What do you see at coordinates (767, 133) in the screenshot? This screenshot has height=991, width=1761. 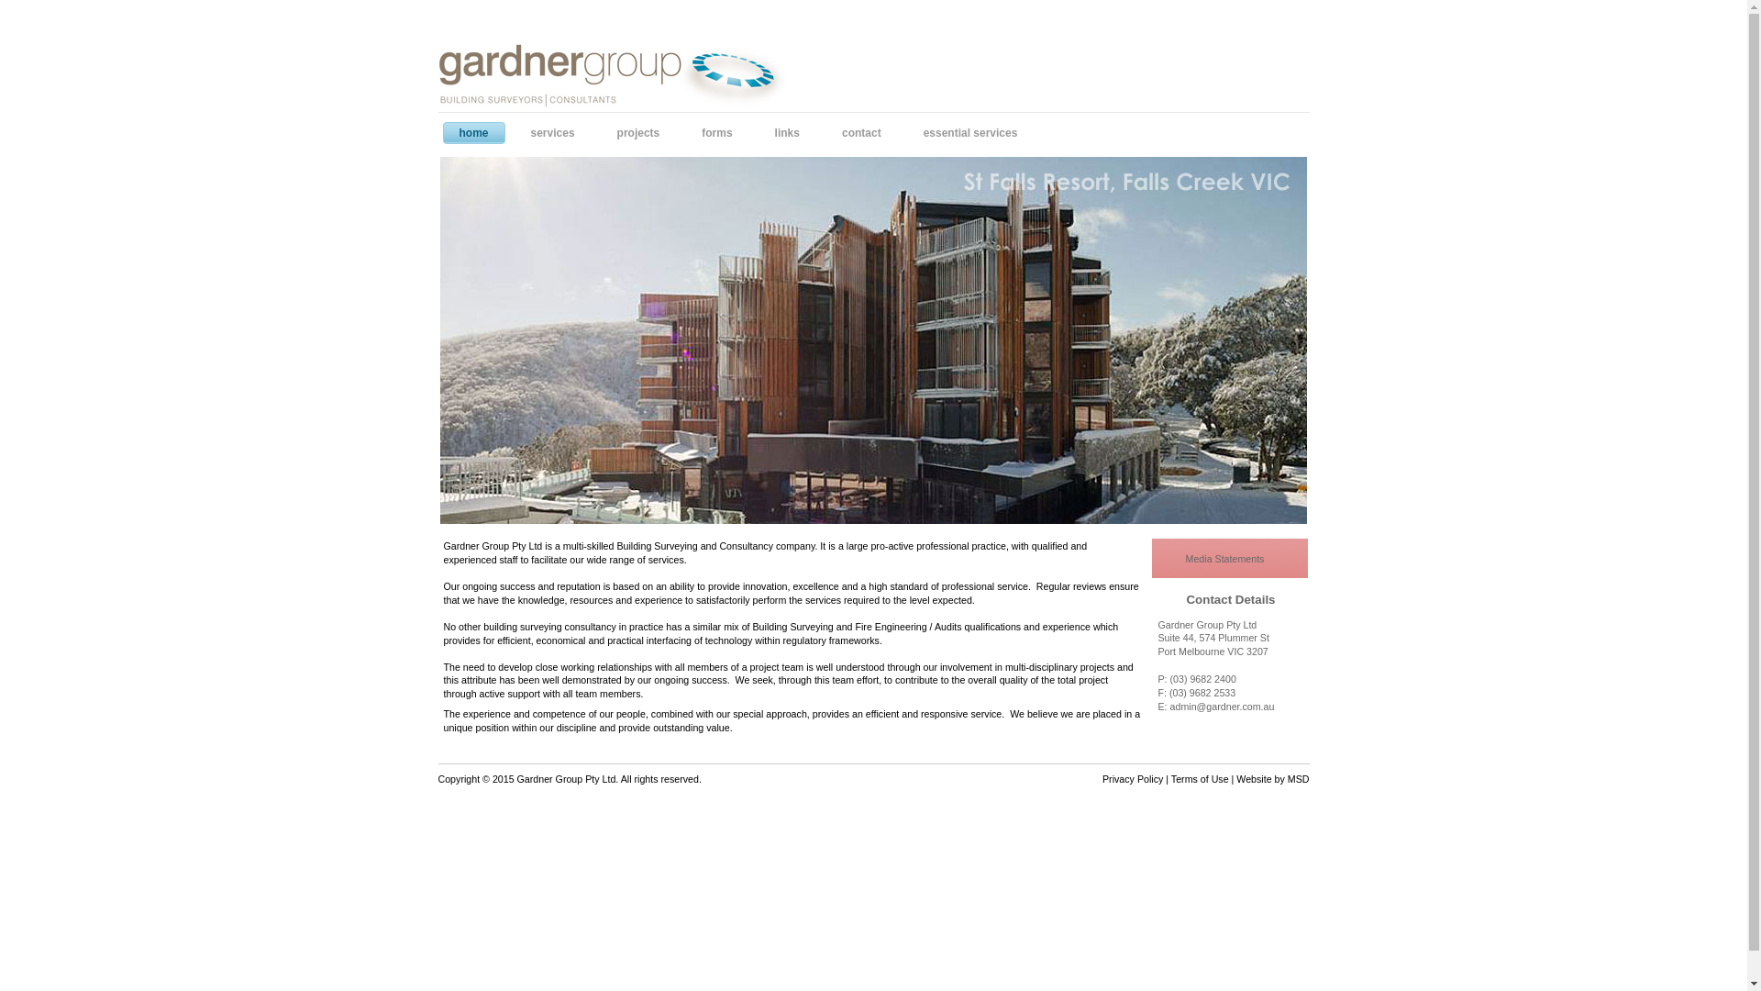 I see `'links'` at bounding box center [767, 133].